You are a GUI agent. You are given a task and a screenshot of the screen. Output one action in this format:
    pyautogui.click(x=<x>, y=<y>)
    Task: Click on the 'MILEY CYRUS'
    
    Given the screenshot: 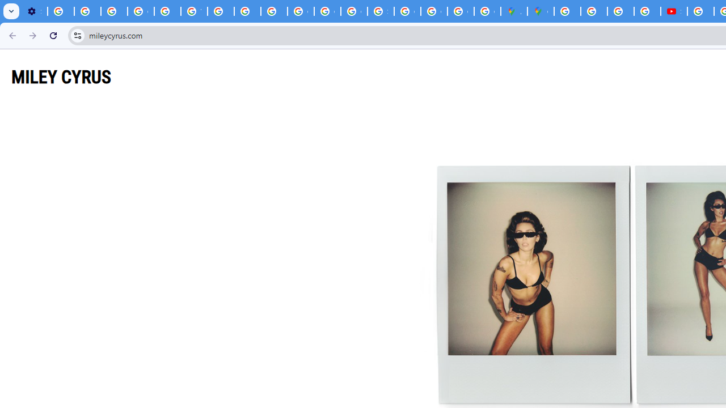 What is the action you would take?
    pyautogui.click(x=61, y=76)
    